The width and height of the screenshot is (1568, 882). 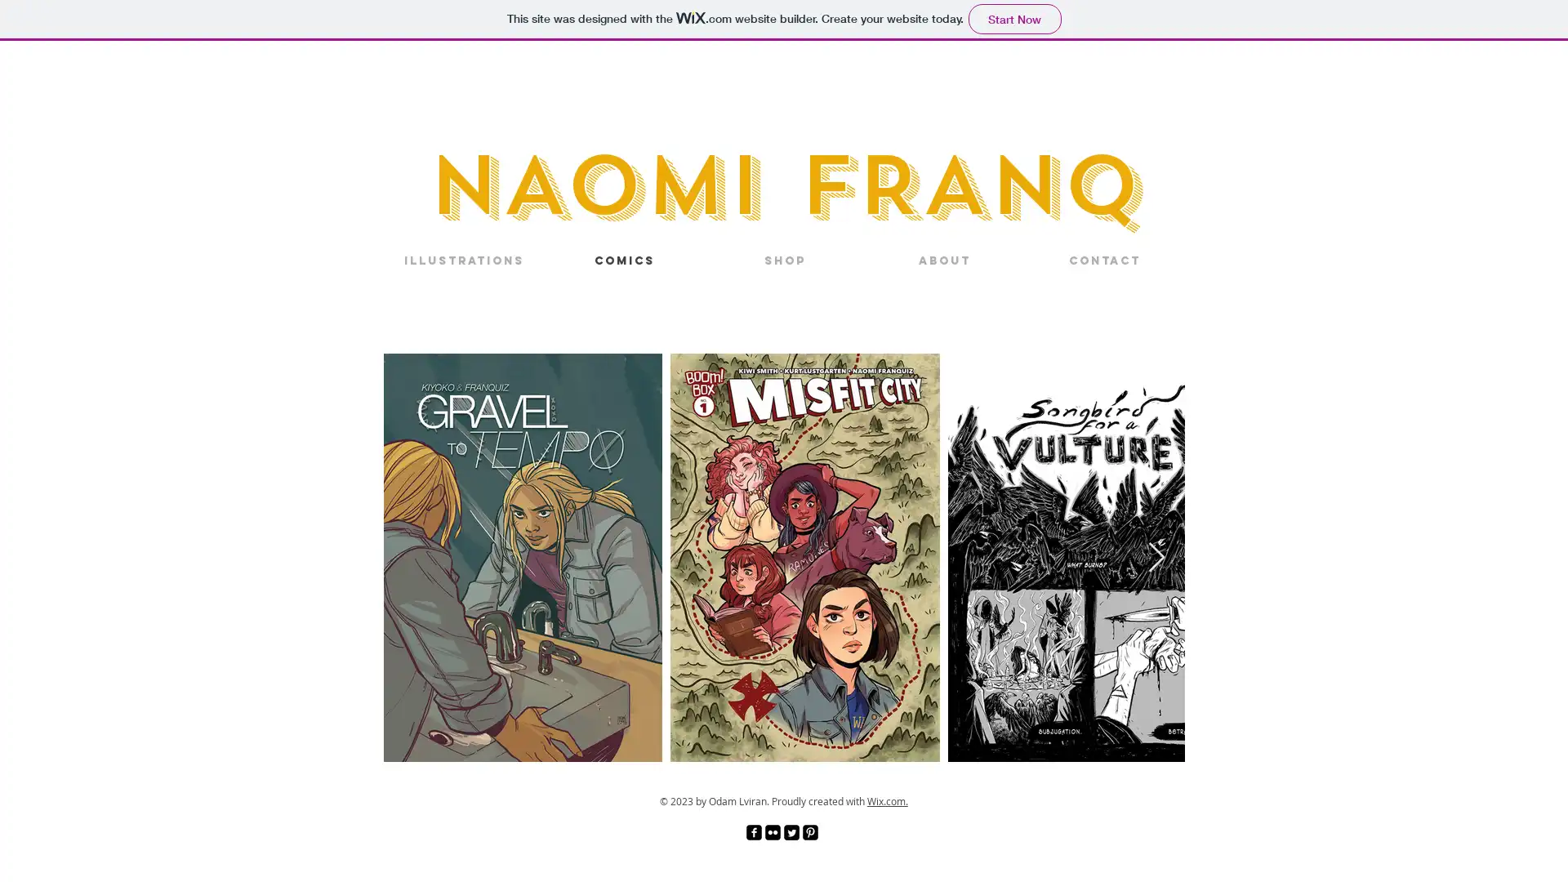 What do you see at coordinates (1156, 556) in the screenshot?
I see `Next Item` at bounding box center [1156, 556].